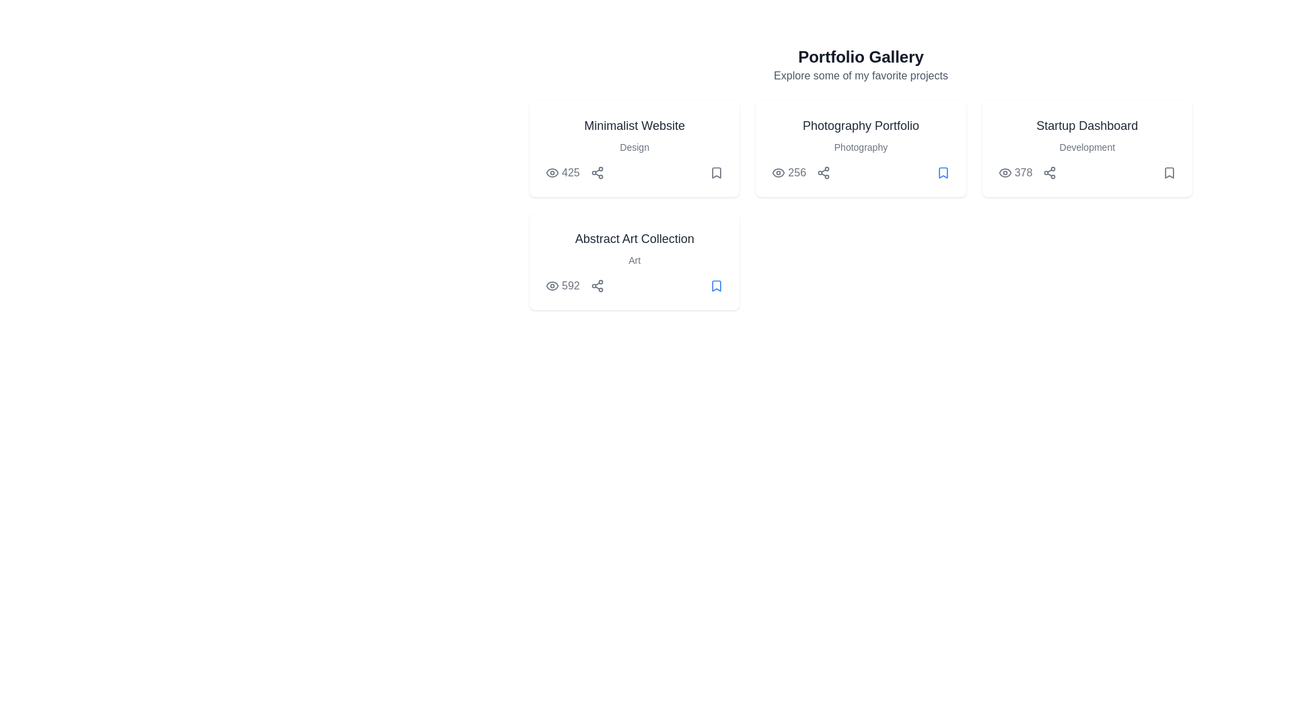 This screenshot has height=727, width=1292. I want to click on the fourth card in the grid layout, which displays 'Abstract Art Collection' and is located in the bottom-left section of the grid, so click(634, 262).